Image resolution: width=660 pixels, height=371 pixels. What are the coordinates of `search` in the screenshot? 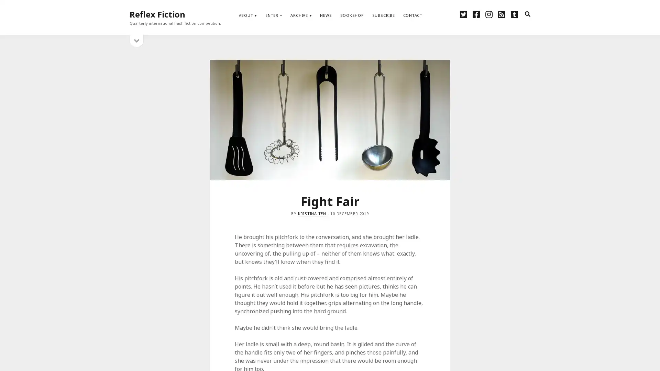 It's located at (527, 14).